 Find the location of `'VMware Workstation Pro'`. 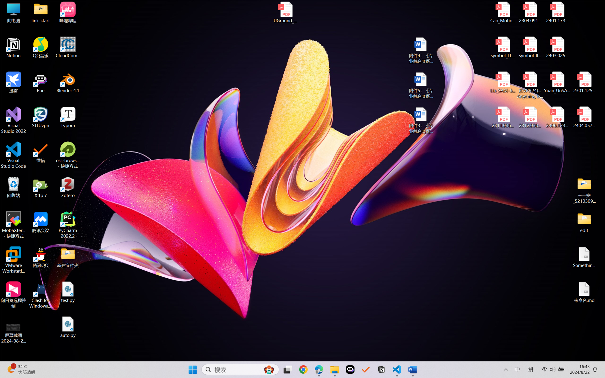

'VMware Workstation Pro' is located at coordinates (13, 260).